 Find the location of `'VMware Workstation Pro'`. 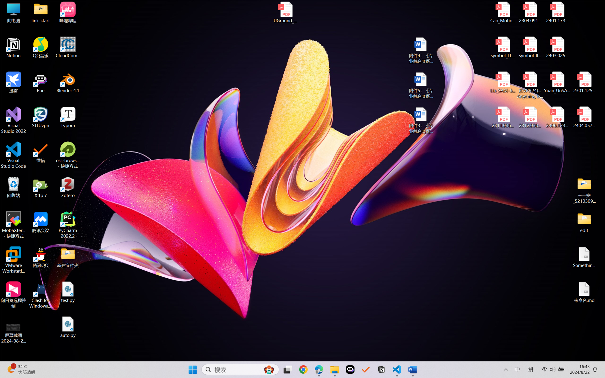

'VMware Workstation Pro' is located at coordinates (13, 260).